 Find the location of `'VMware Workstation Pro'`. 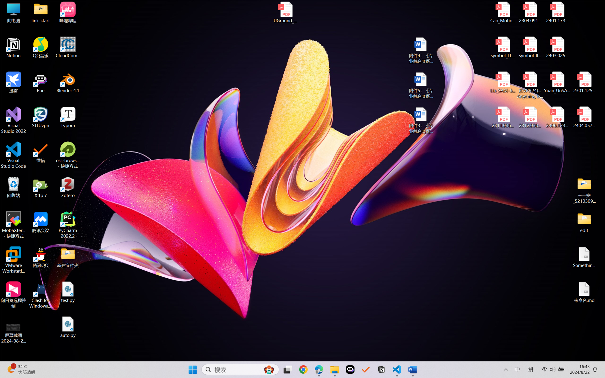

'VMware Workstation Pro' is located at coordinates (13, 260).